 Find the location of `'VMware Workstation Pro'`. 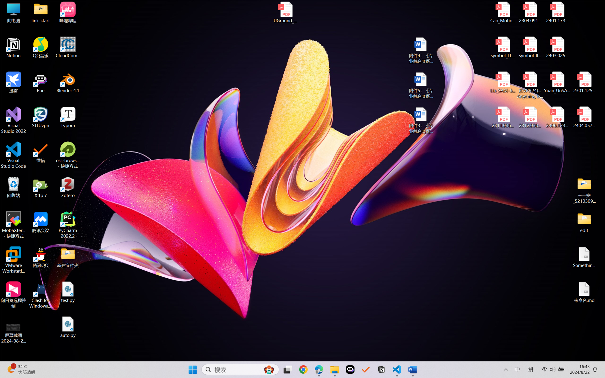

'VMware Workstation Pro' is located at coordinates (13, 260).